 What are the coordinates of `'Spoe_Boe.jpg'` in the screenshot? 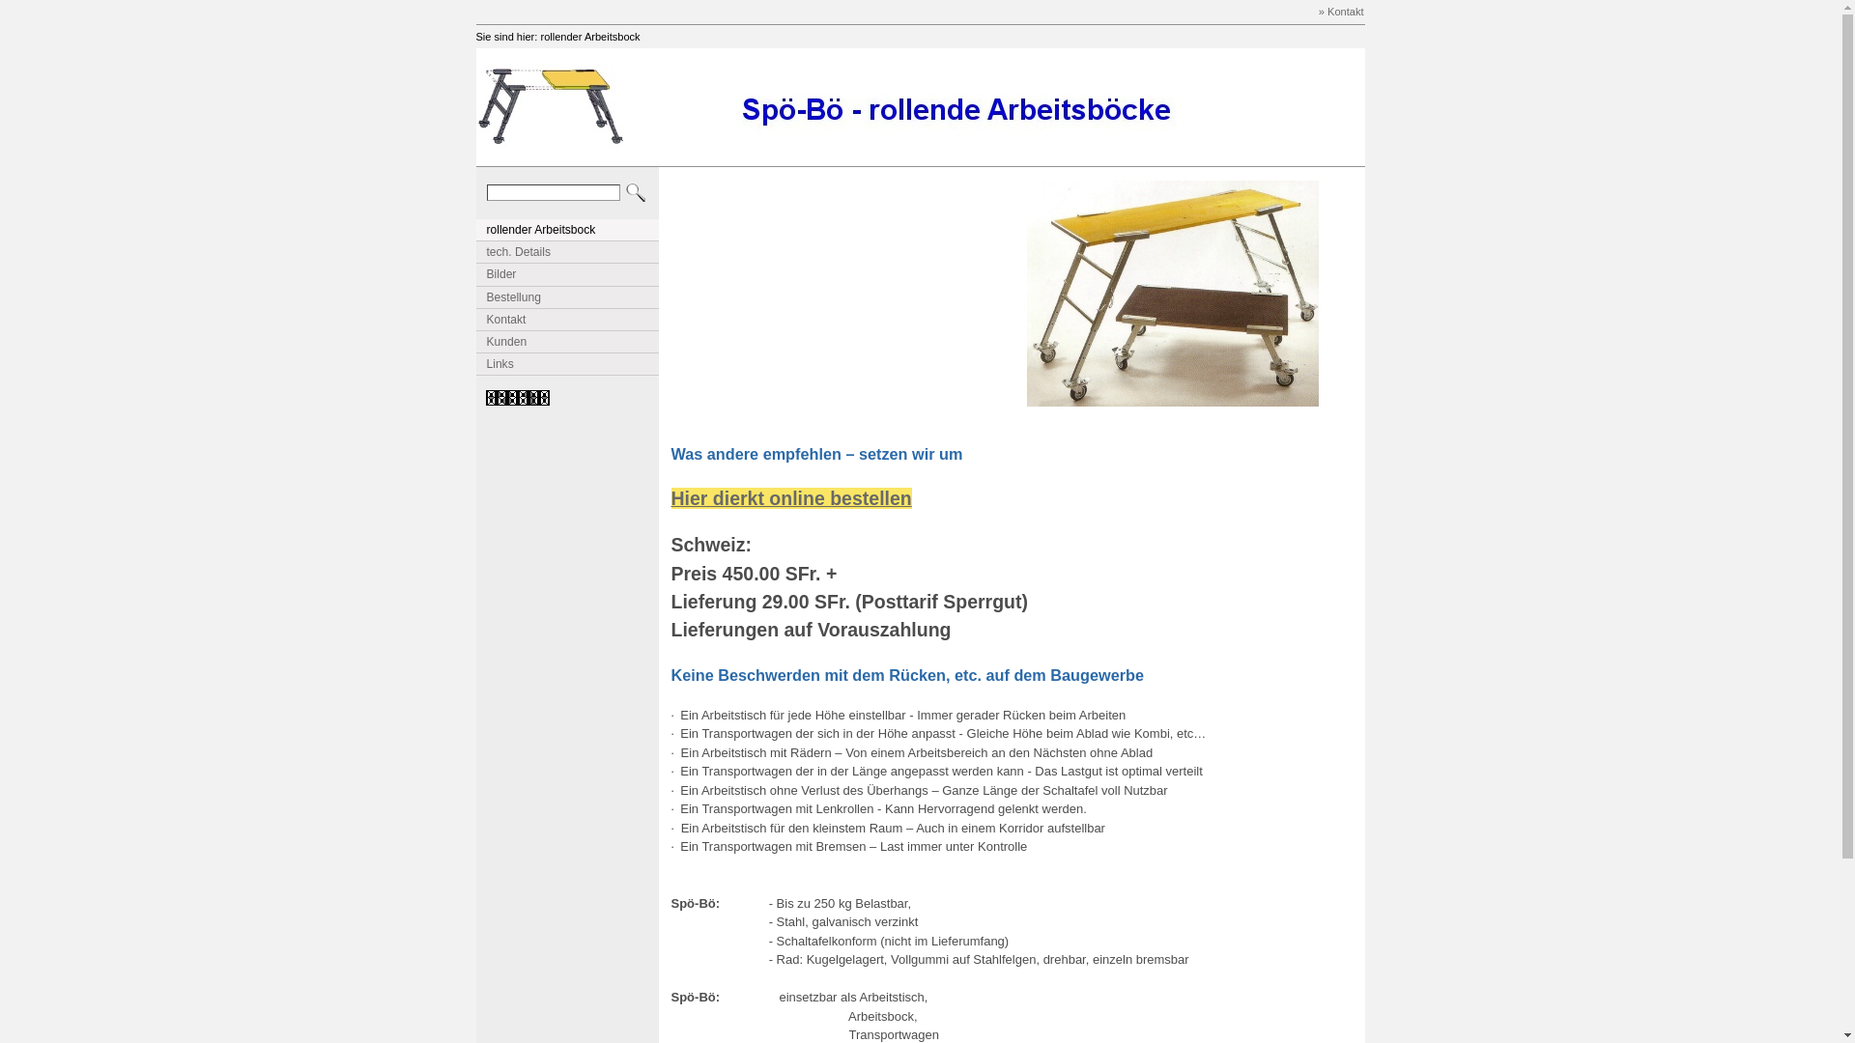 It's located at (549, 107).